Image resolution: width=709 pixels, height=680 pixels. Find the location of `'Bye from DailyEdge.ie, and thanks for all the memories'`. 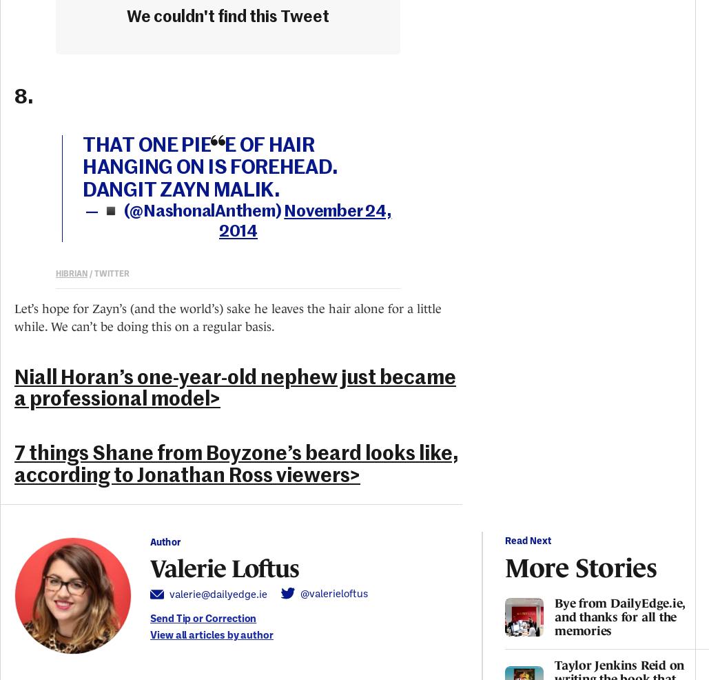

'Bye from DailyEdge.ie, and thanks for all the memories' is located at coordinates (619, 616).